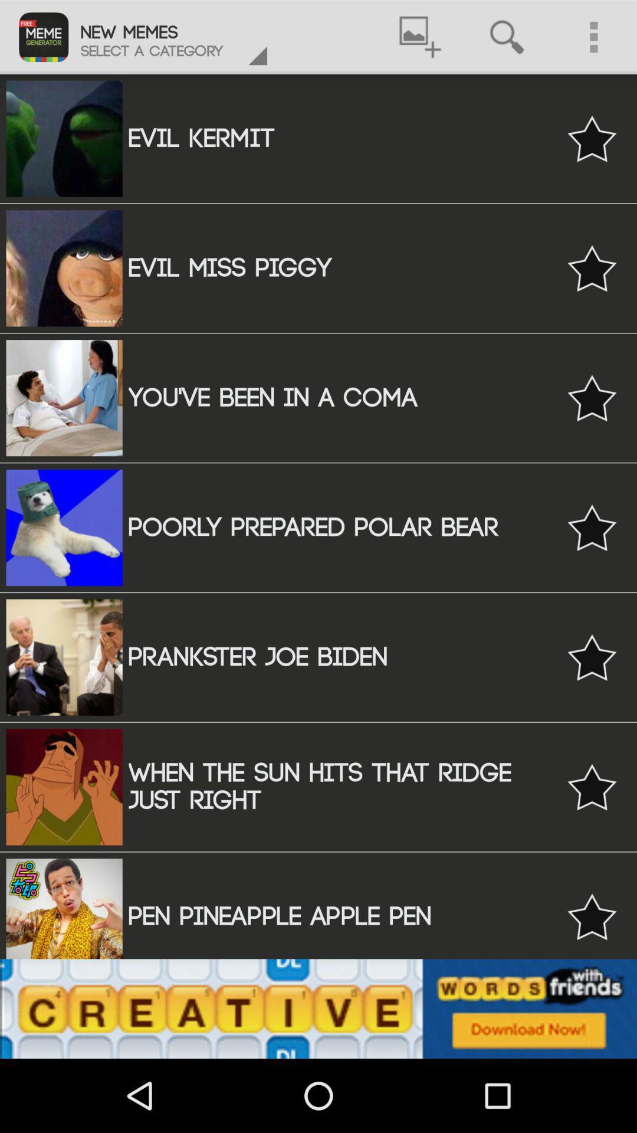 This screenshot has width=637, height=1133. Describe the element at coordinates (592, 139) in the screenshot. I see `mark evil kermit as favorite` at that location.